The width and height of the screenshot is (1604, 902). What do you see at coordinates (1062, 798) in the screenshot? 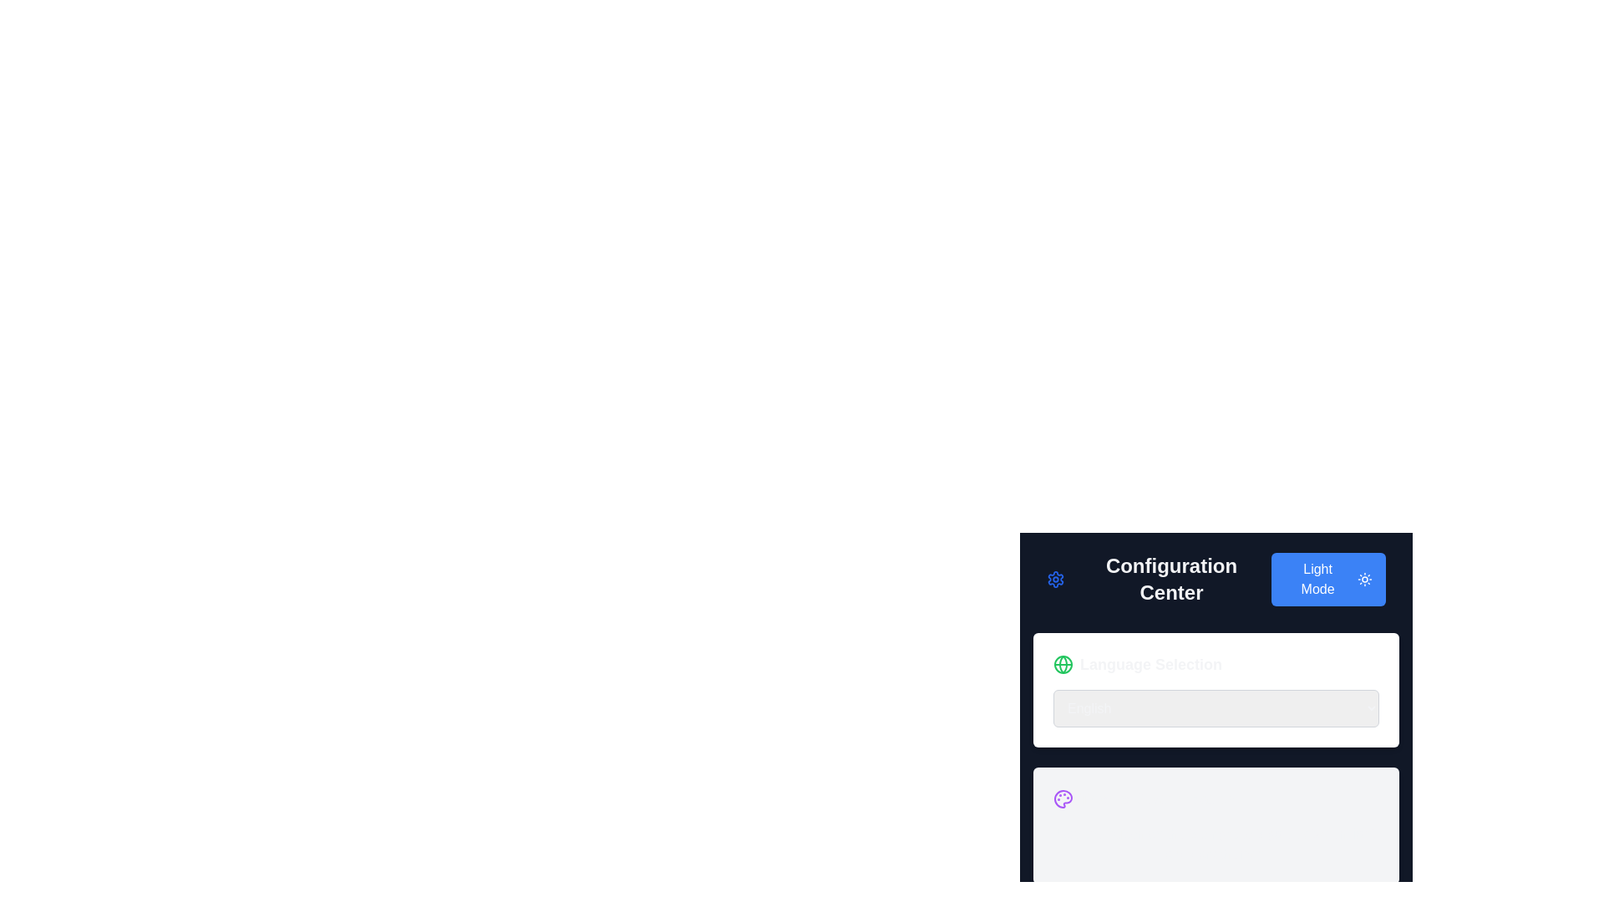
I see `the theme customization icon located to the left of the 'Theme Customization' text, which symbolizes the option for modifying visual settings` at bounding box center [1062, 798].